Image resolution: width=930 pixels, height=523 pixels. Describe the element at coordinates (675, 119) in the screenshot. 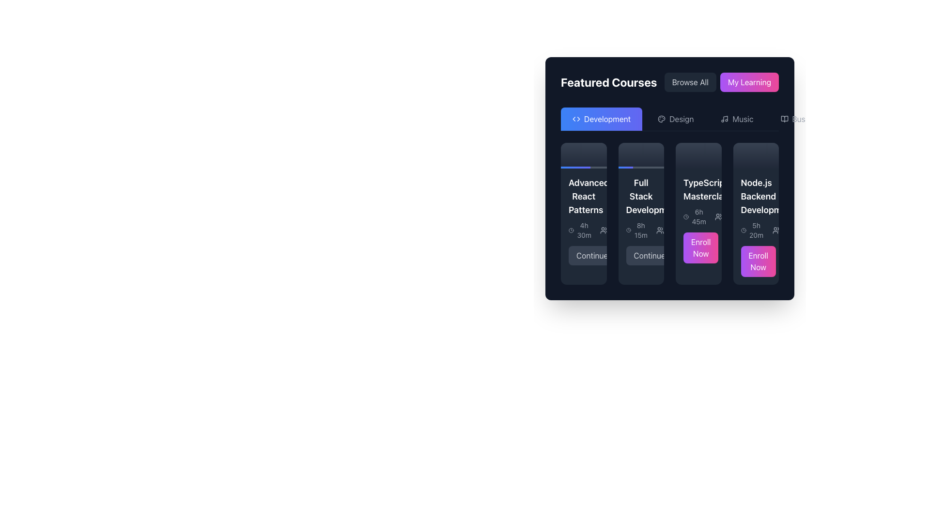

I see `the second button from the left in the horizontal navigation bar under 'Featured Courses'` at that location.